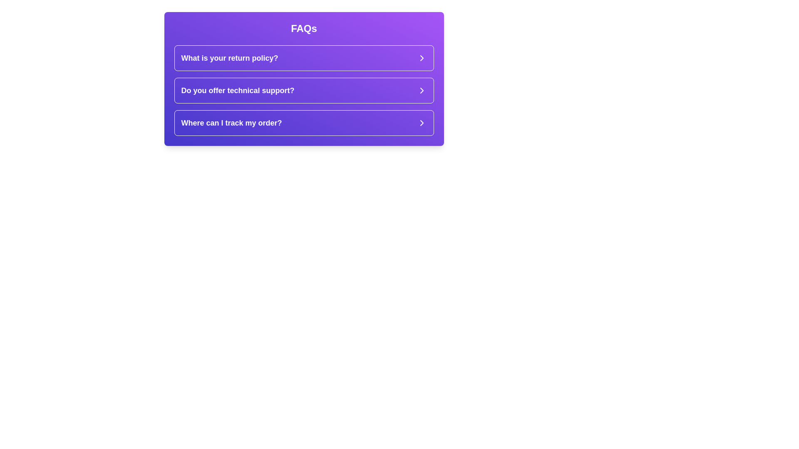 This screenshot has height=449, width=799. I want to click on the chevron arrow SVG icon for navigation located at the rightmost edge of the last item in the list labeled 'Where can I track my order.', so click(422, 123).